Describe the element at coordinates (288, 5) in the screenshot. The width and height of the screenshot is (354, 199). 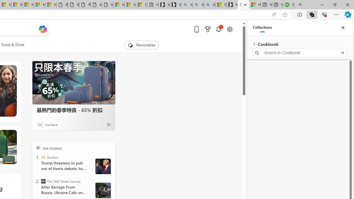
I see `'Intuit QuickBooks Online - Quickbooks'` at that location.